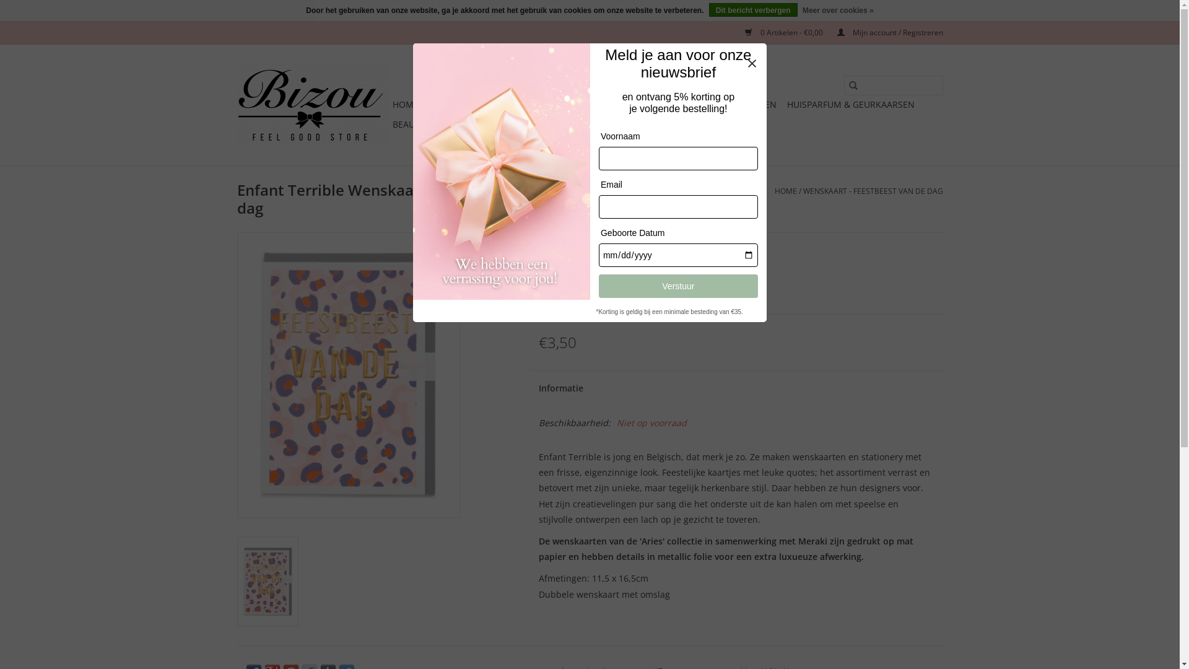 The image size is (1189, 669). What do you see at coordinates (633, 124) in the screenshot?
I see `'CADEAUBONNEN'` at bounding box center [633, 124].